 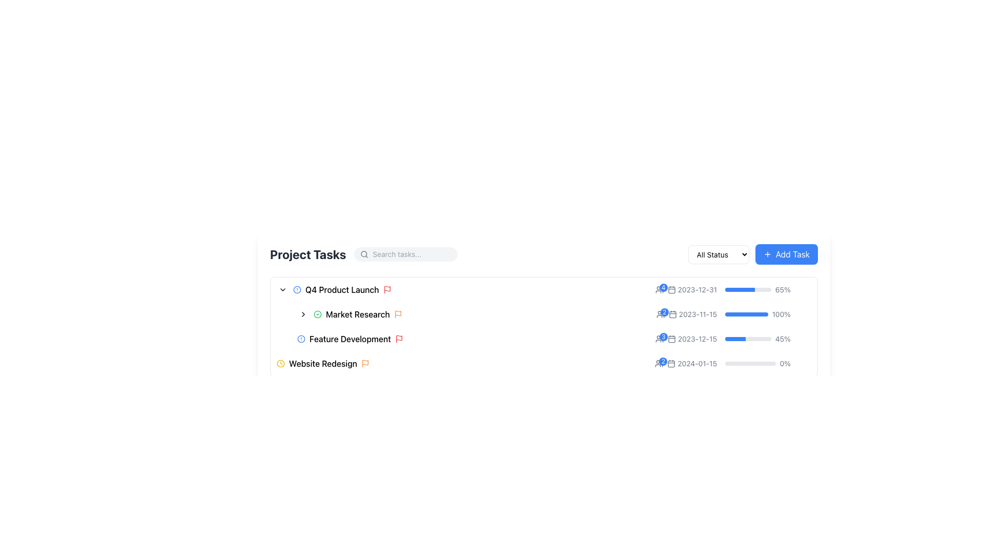 I want to click on task completion, so click(x=745, y=289).